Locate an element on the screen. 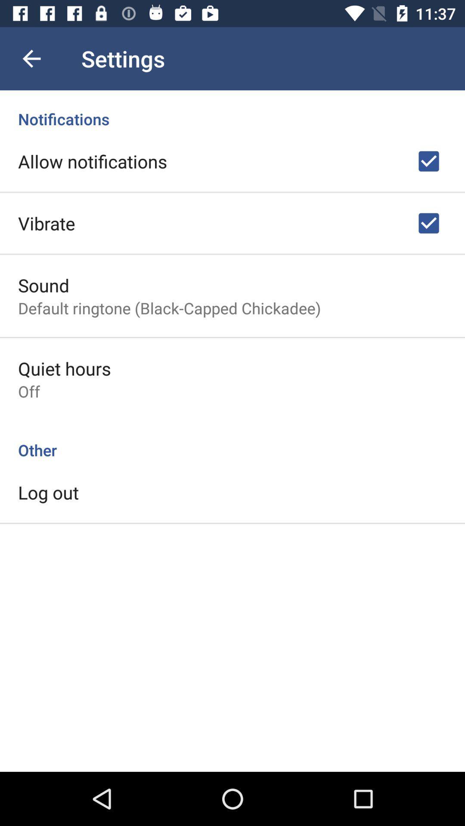 Image resolution: width=465 pixels, height=826 pixels. the sound is located at coordinates (43, 285).